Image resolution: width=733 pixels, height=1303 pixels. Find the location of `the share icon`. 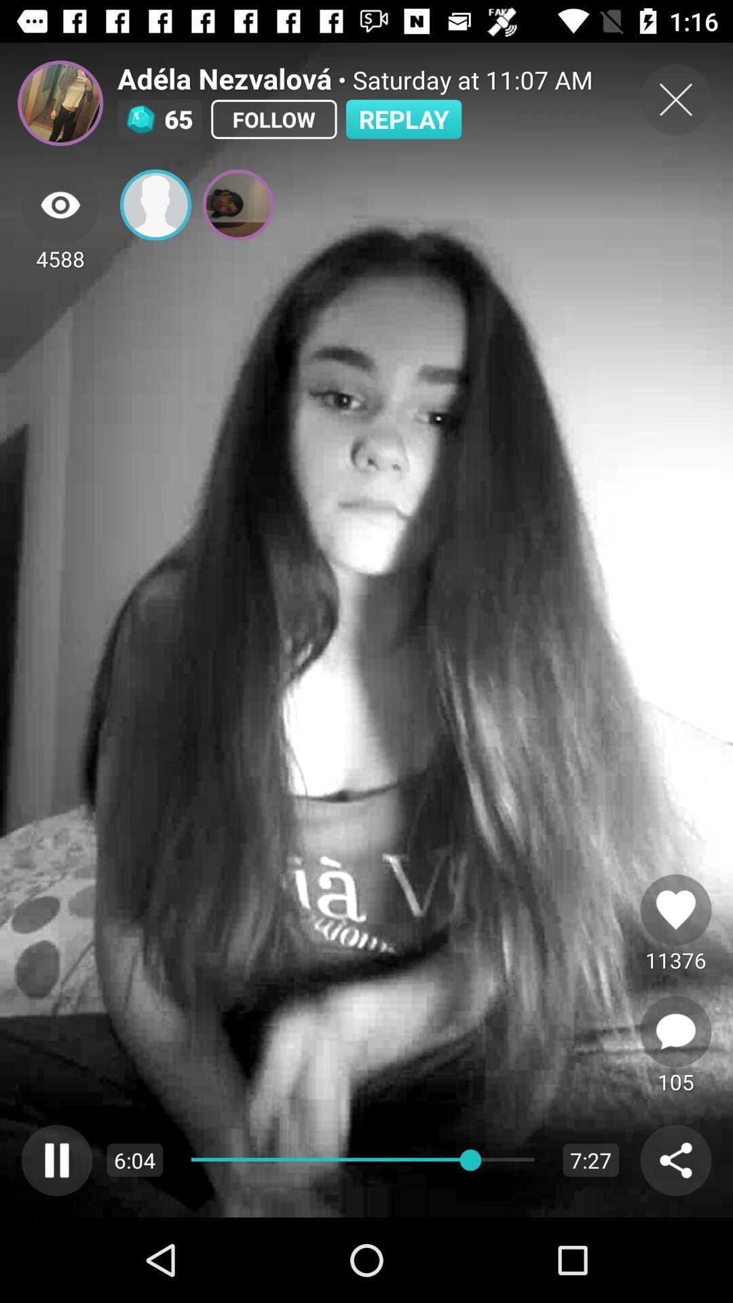

the share icon is located at coordinates (675, 1159).